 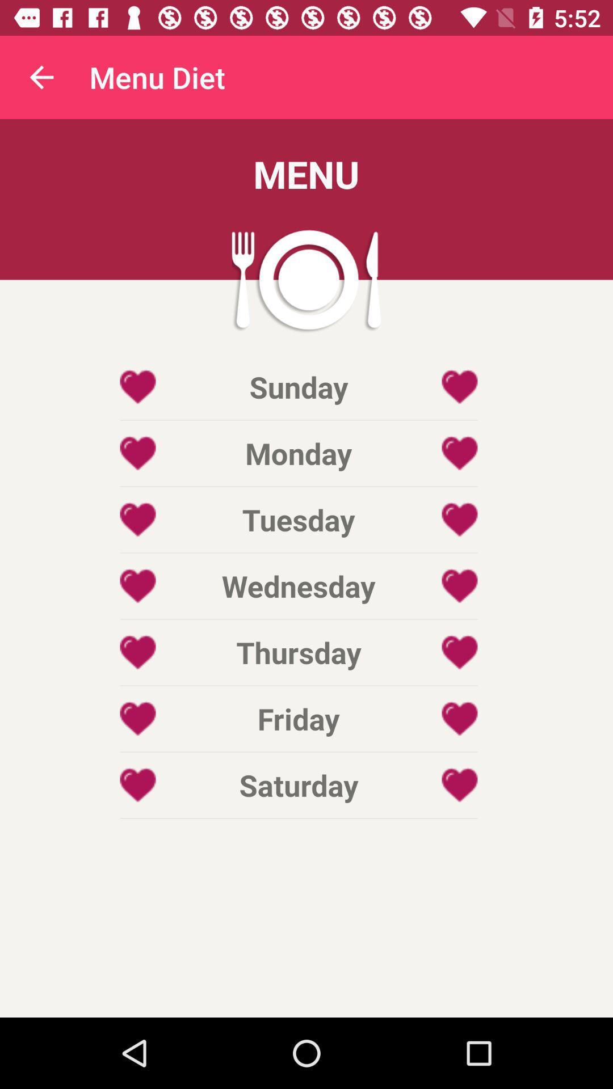 I want to click on the sunday, so click(x=298, y=387).